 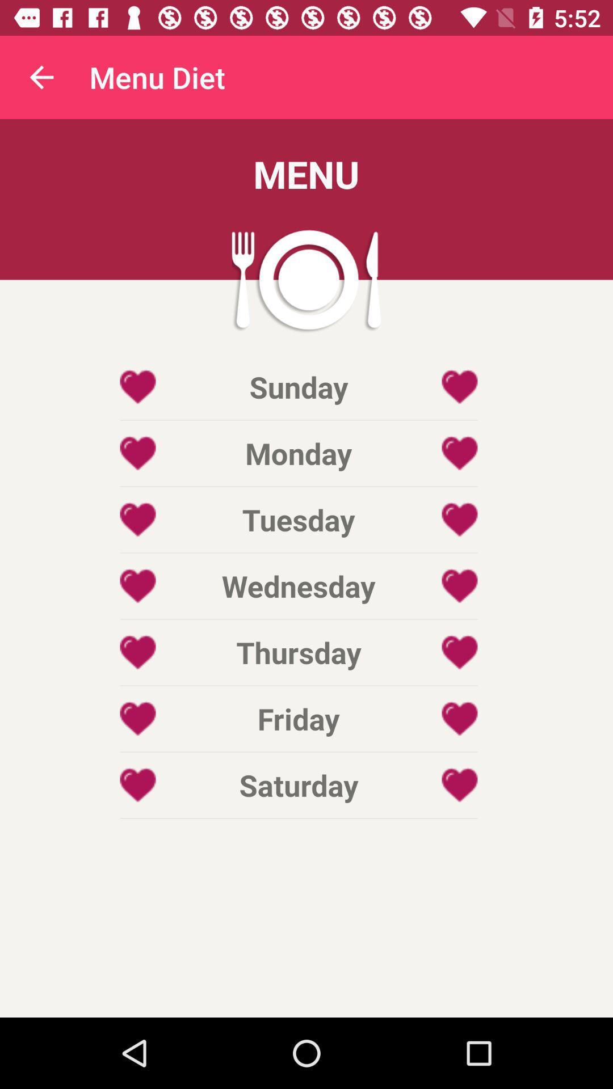 I want to click on the sunday, so click(x=298, y=387).